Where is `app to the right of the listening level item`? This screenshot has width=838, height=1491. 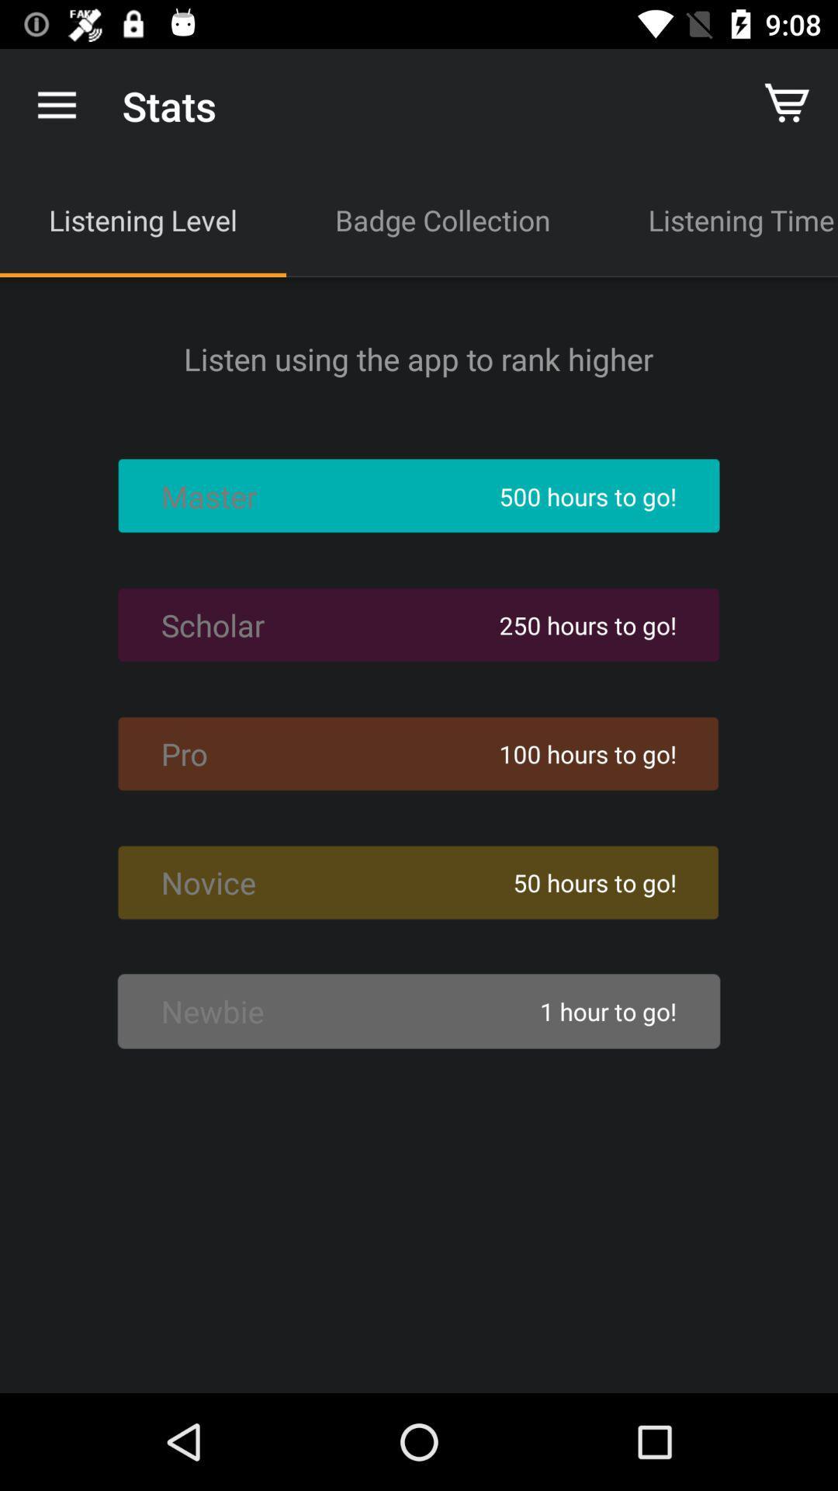
app to the right of the listening level item is located at coordinates (442, 219).